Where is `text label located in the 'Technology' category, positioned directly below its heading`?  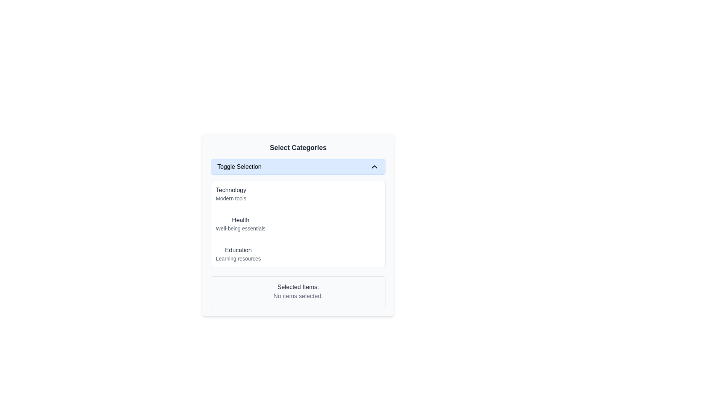 text label located in the 'Technology' category, positioned directly below its heading is located at coordinates (231, 198).